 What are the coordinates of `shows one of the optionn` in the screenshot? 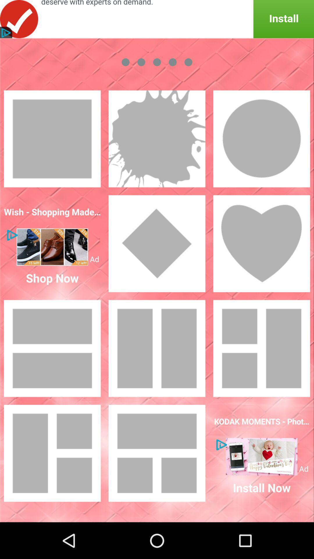 It's located at (261, 243).